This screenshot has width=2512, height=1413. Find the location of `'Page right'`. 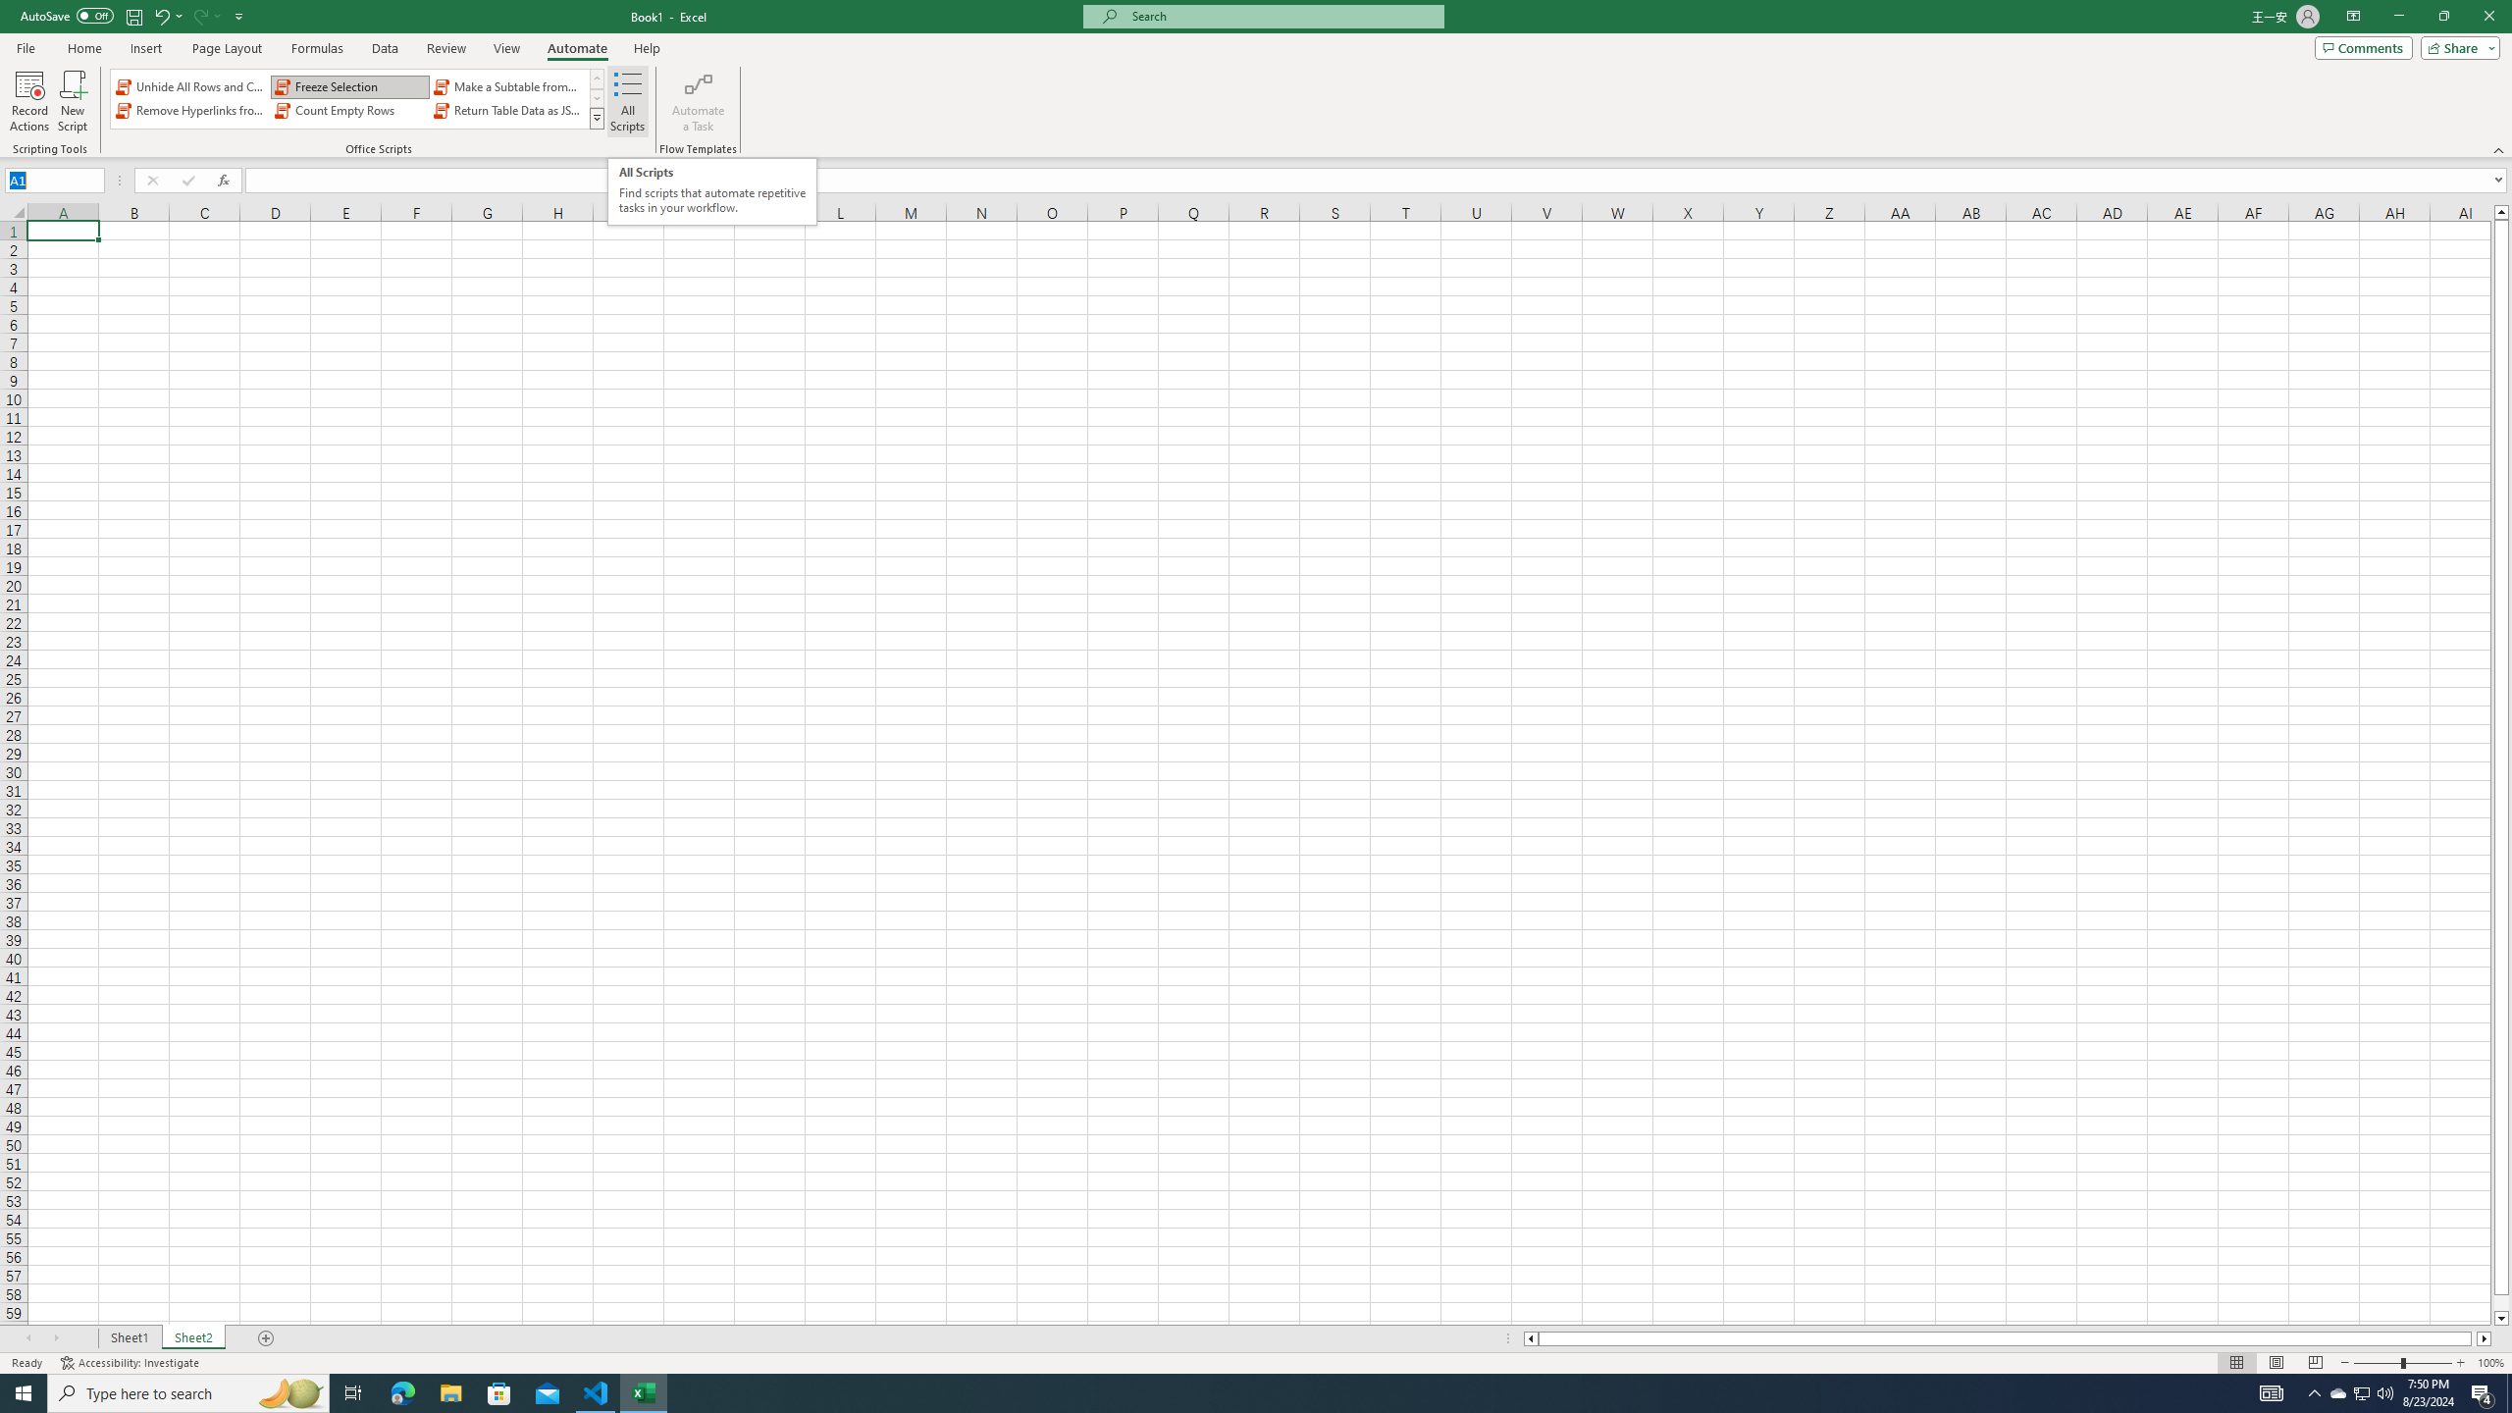

'Page right' is located at coordinates (2473, 1337).